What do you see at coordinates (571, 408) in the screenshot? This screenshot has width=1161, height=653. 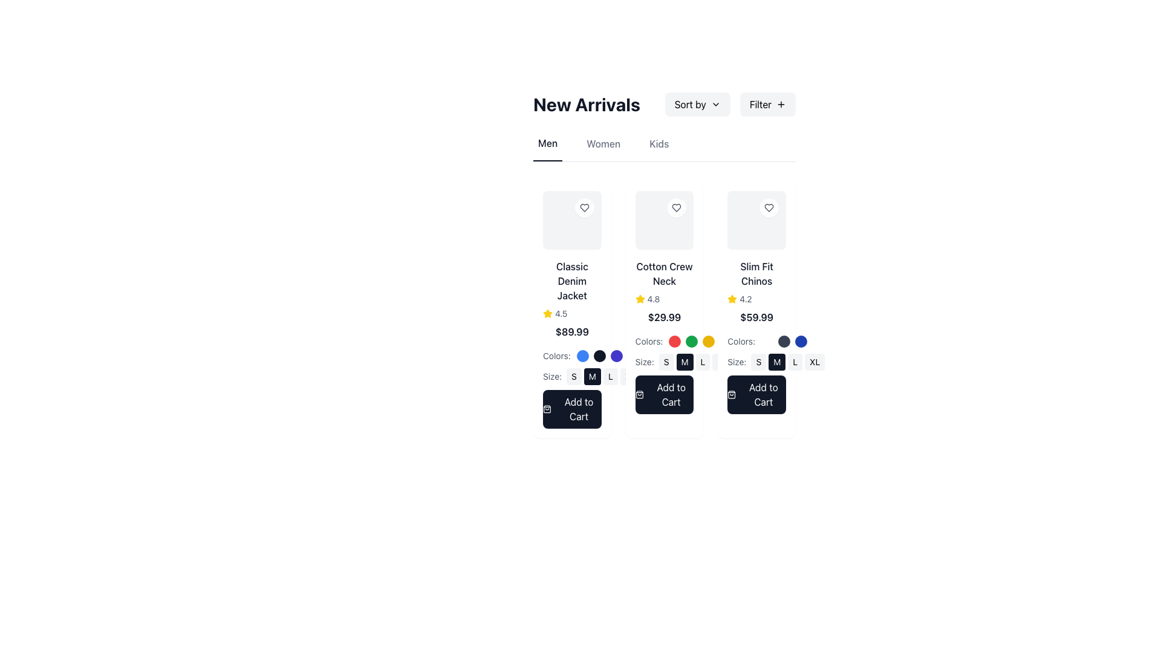 I see `the 'Add to Cart' button for the product 'Classic Denim Jacket', which is a dark navy rectangular button with white text and a shopping bag icon` at bounding box center [571, 408].